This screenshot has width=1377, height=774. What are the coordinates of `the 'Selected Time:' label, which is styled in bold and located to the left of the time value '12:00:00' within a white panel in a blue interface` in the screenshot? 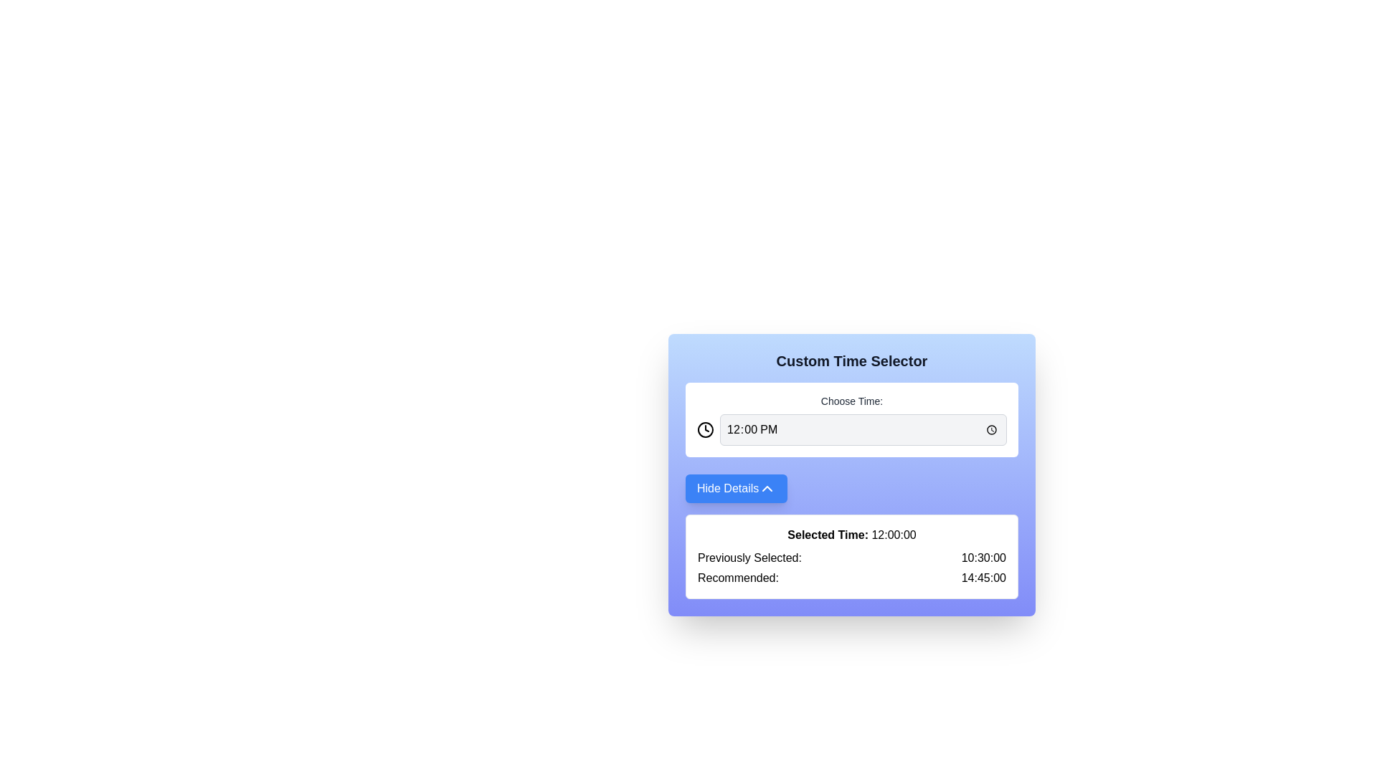 It's located at (828, 535).